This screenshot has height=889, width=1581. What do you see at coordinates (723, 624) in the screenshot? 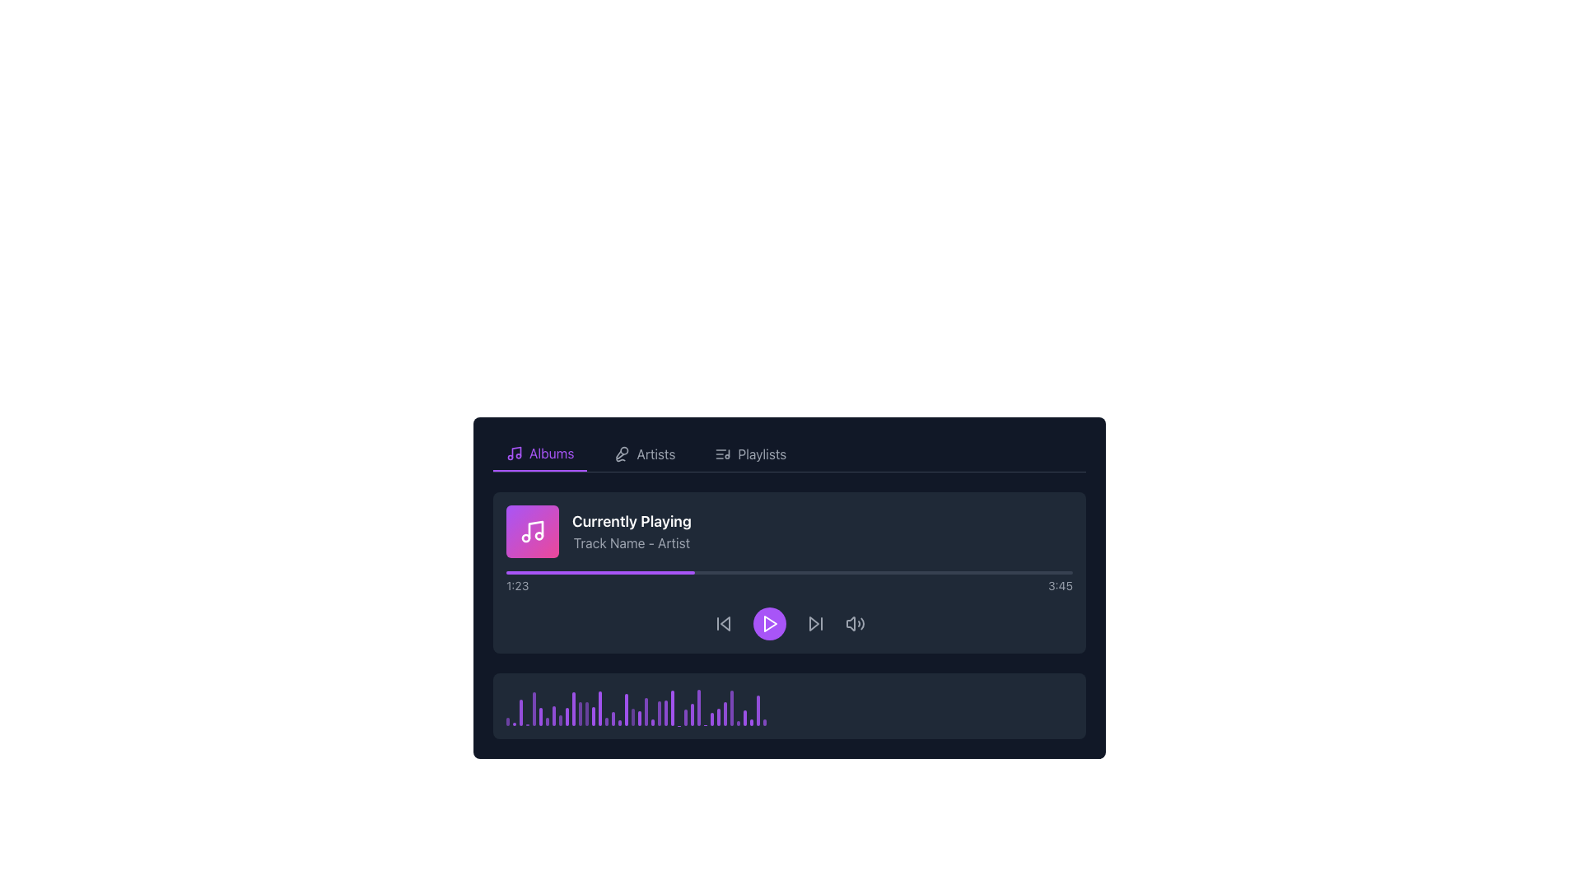
I see `the skip-back button in the audio player interface, which is represented by a gray arrow pointing left with a vertical line, to change its color to white` at bounding box center [723, 624].